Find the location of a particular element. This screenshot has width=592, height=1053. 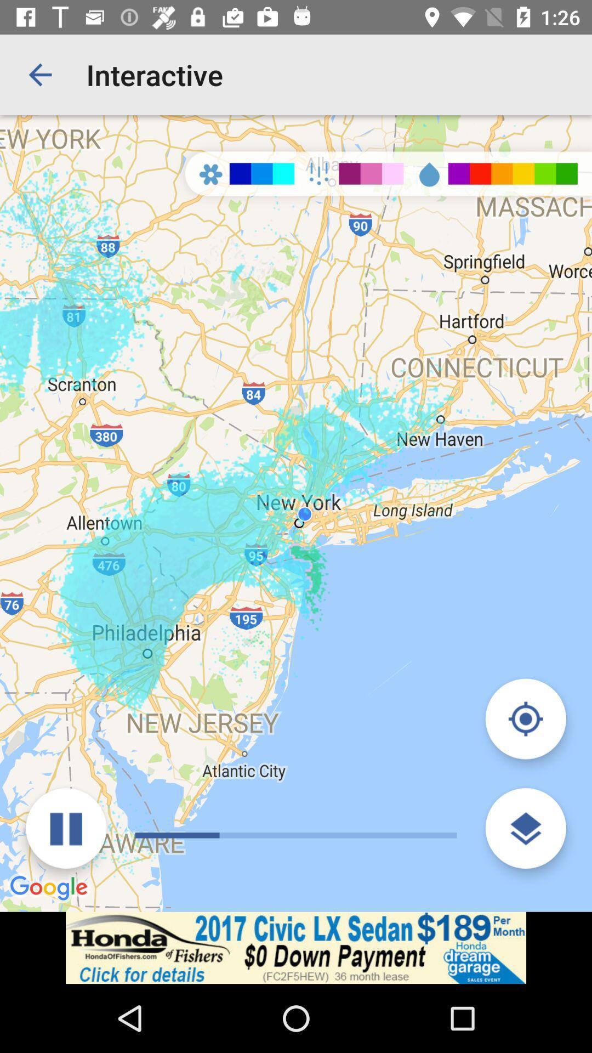

button is located at coordinates (66, 828).